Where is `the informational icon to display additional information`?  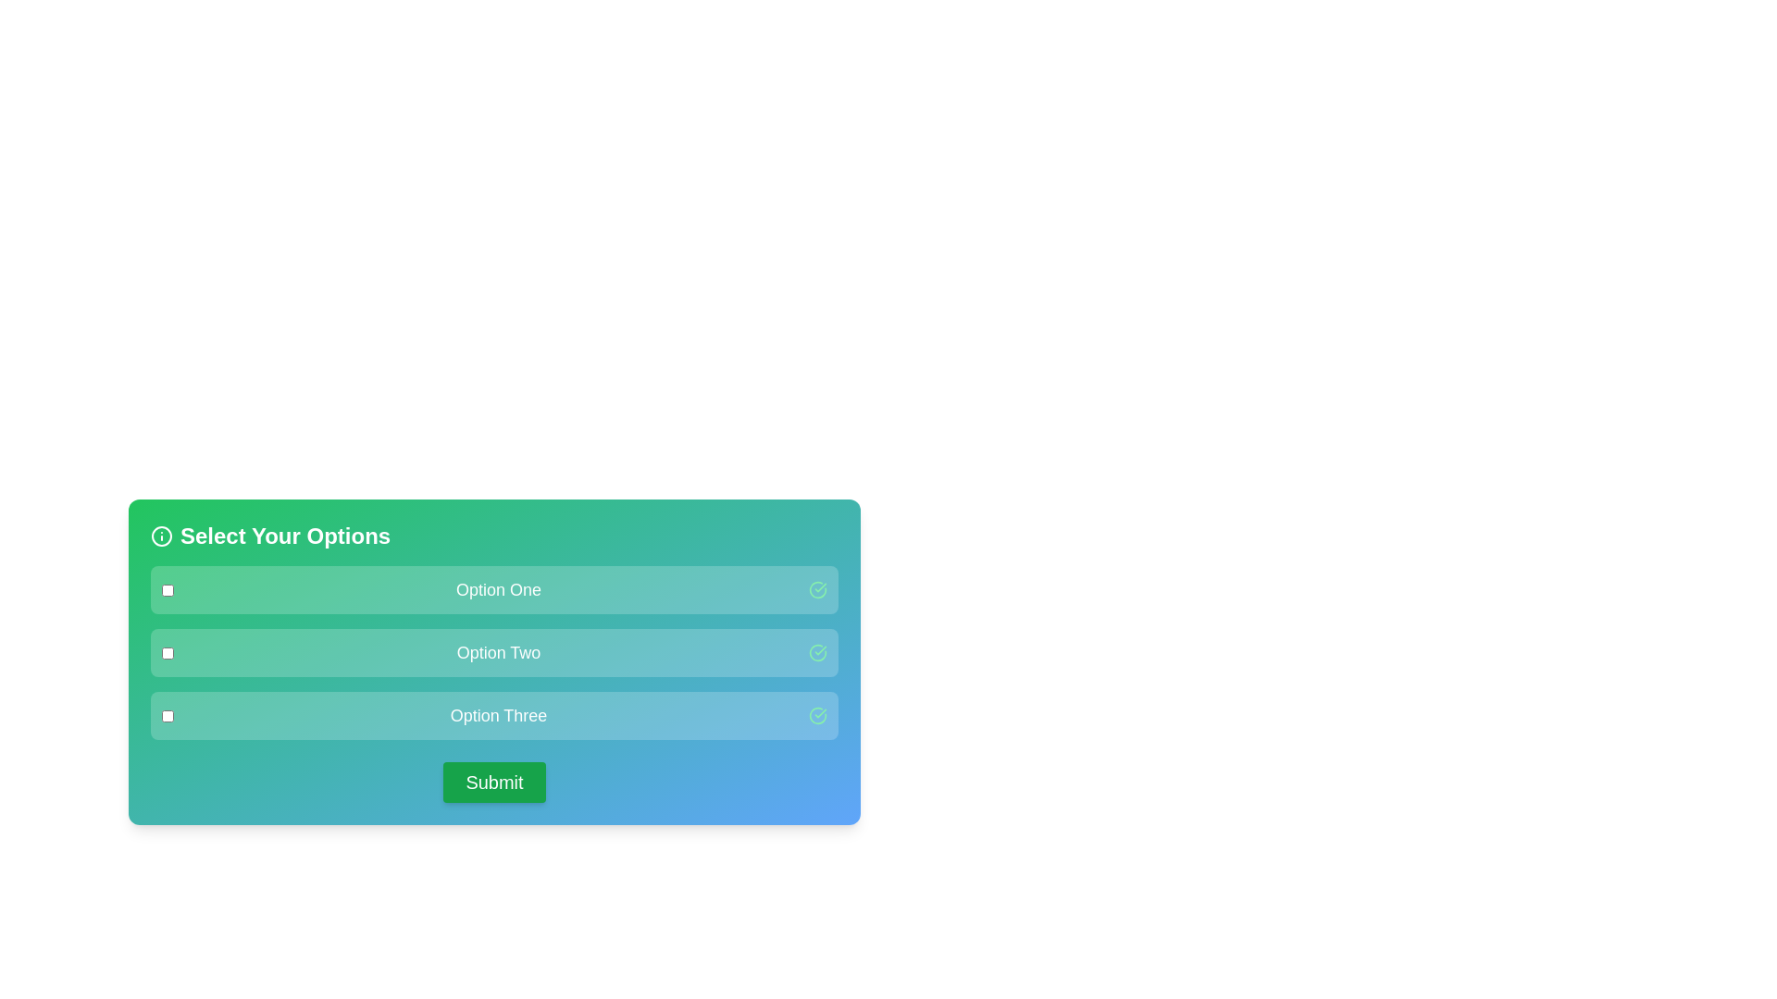
the informational icon to display additional information is located at coordinates (161, 536).